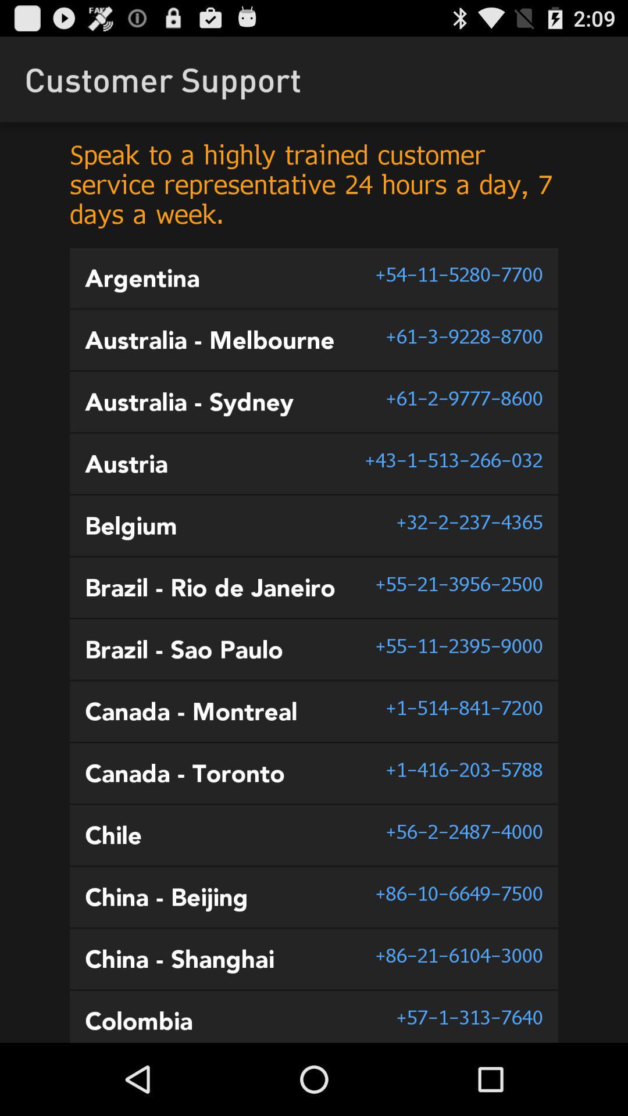 Image resolution: width=628 pixels, height=1116 pixels. I want to click on the 43 1 513, so click(453, 459).